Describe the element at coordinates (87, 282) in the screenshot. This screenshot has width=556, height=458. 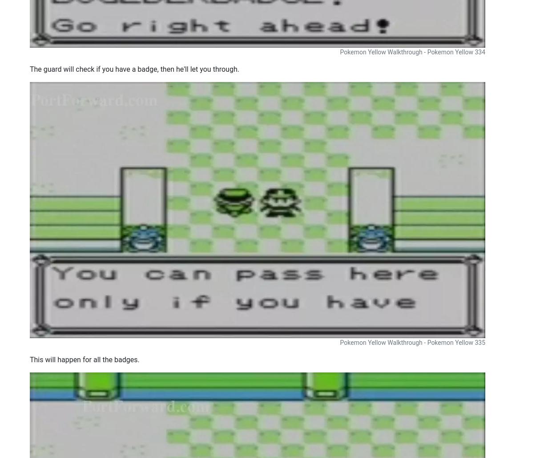
I see `'How To Open Ports in Your Router for Dota 2'` at that location.